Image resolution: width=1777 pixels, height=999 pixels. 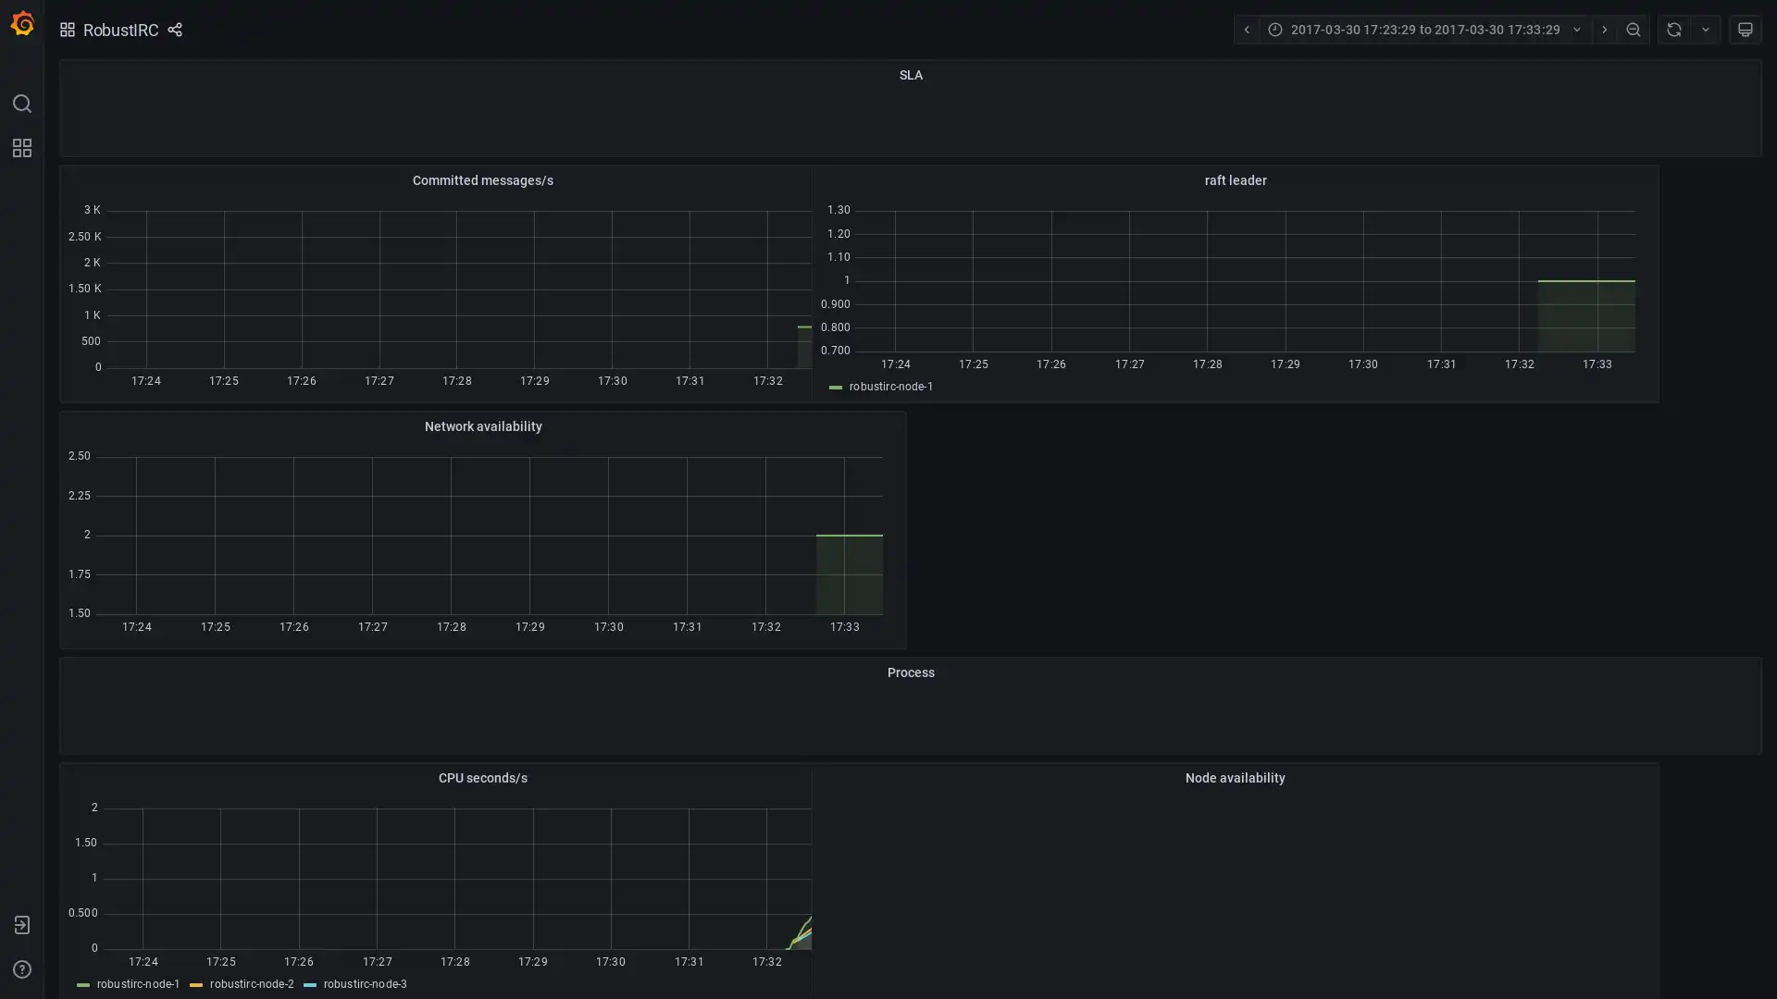 I want to click on Cycle view mode, so click(x=1745, y=29).